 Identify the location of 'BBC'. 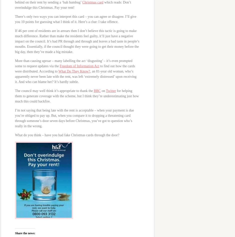
(97, 90).